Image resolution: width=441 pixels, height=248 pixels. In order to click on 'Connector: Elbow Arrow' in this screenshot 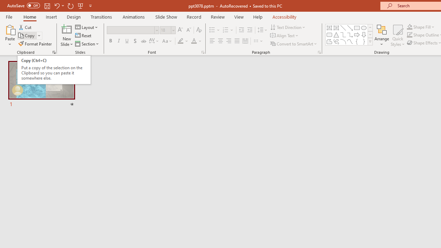, I will do `click(350, 34)`.